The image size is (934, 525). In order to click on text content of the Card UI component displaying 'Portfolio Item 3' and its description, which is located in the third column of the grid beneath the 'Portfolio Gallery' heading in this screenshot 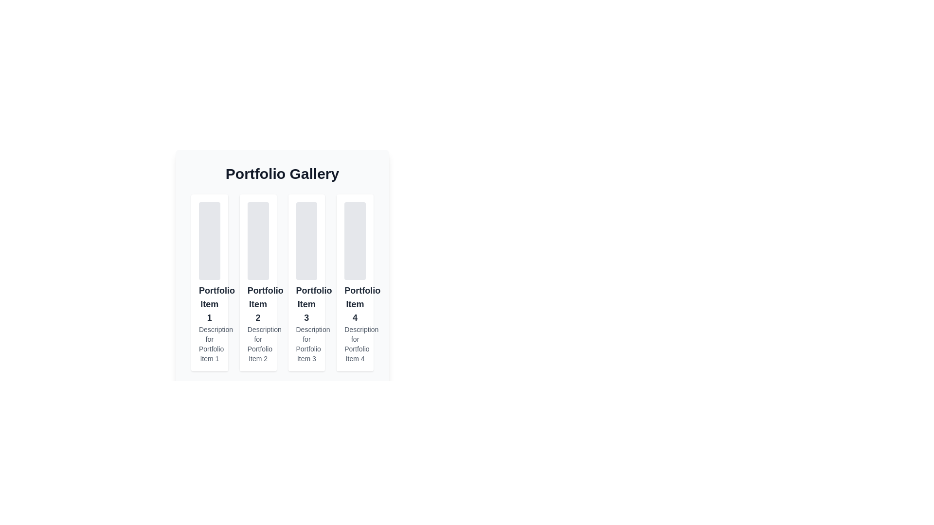, I will do `click(306, 283)`.